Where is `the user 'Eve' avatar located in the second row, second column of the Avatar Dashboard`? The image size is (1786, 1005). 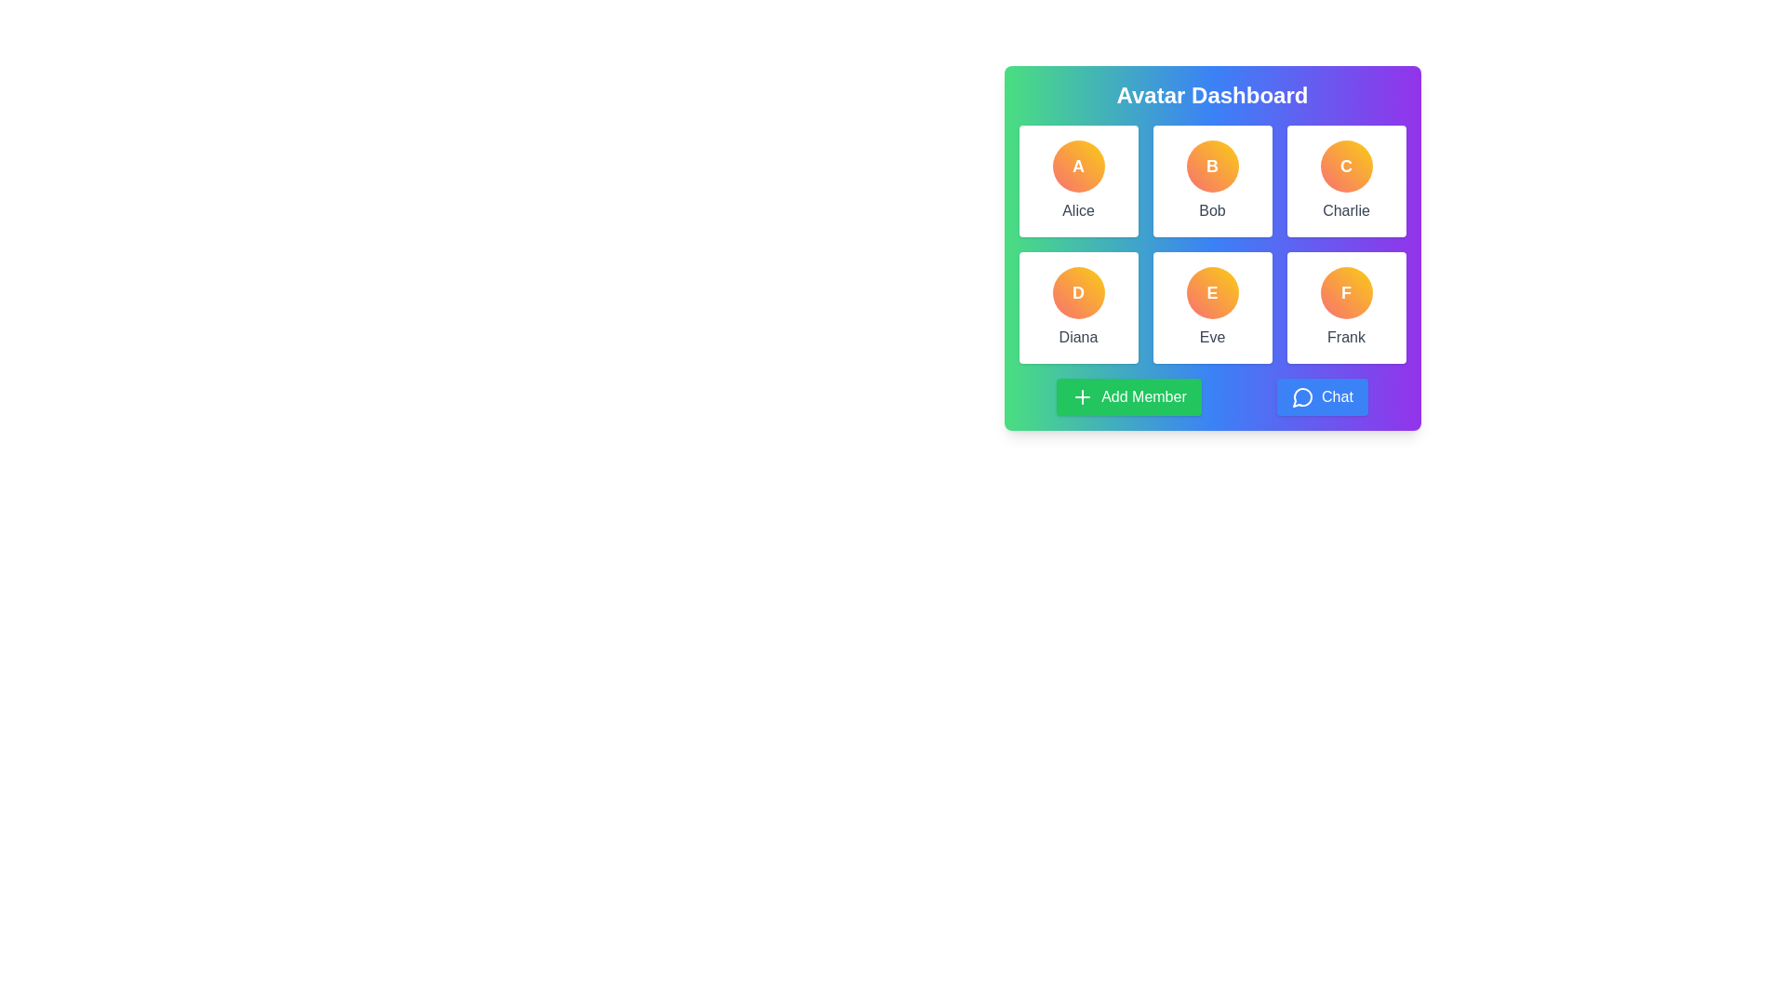
the user 'Eve' avatar located in the second row, second column of the Avatar Dashboard is located at coordinates (1212, 293).